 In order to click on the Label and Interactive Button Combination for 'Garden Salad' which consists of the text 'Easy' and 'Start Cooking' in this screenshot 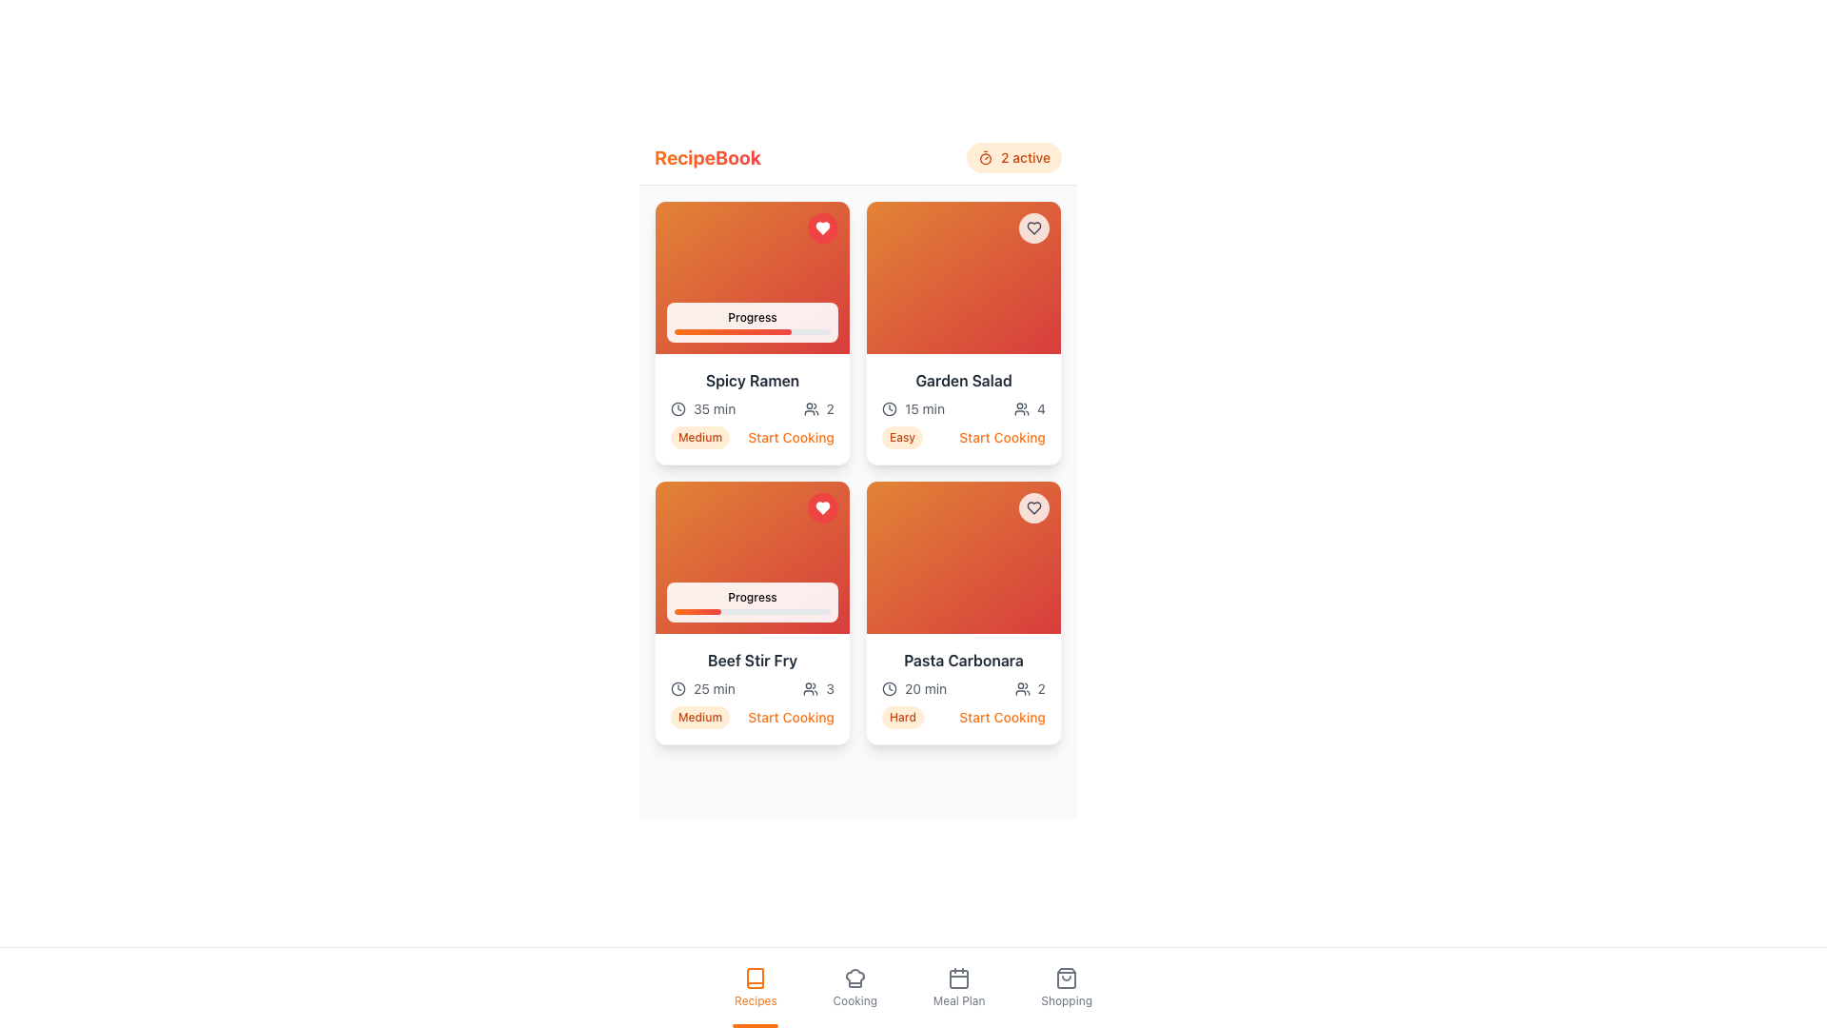, I will do `click(963, 437)`.